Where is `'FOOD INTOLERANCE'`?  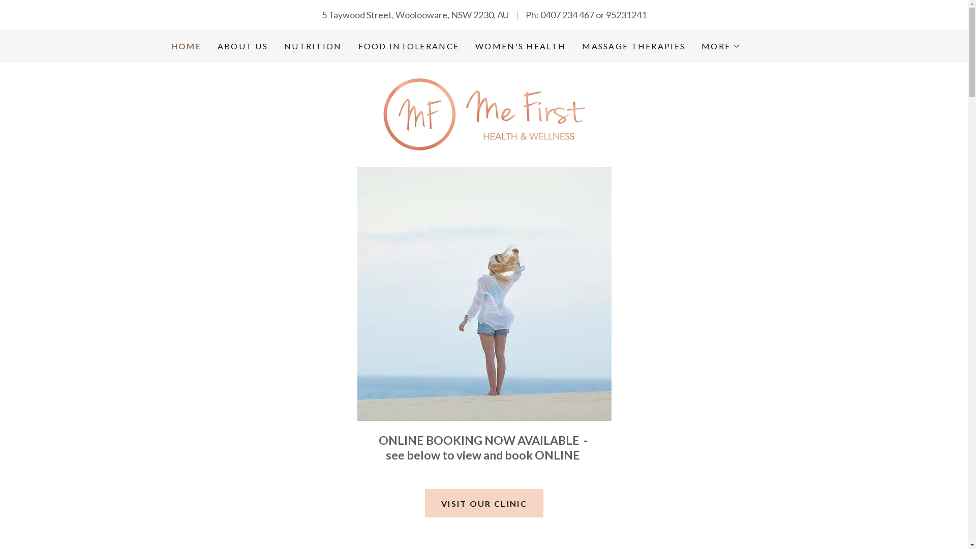
'FOOD INTOLERANCE' is located at coordinates (355, 46).